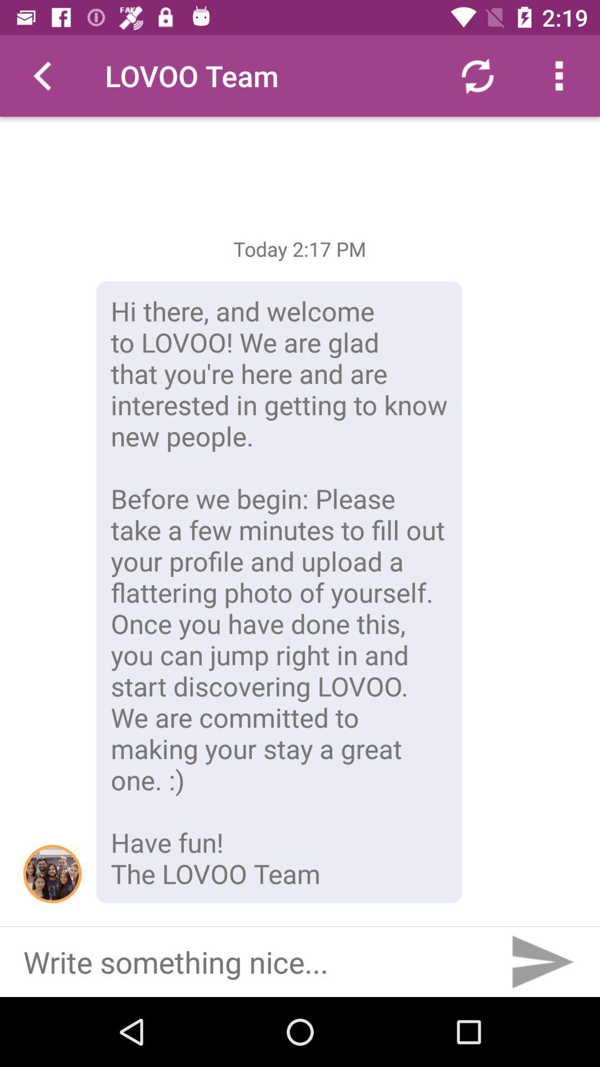  What do you see at coordinates (477, 75) in the screenshot?
I see `item above hi there and` at bounding box center [477, 75].